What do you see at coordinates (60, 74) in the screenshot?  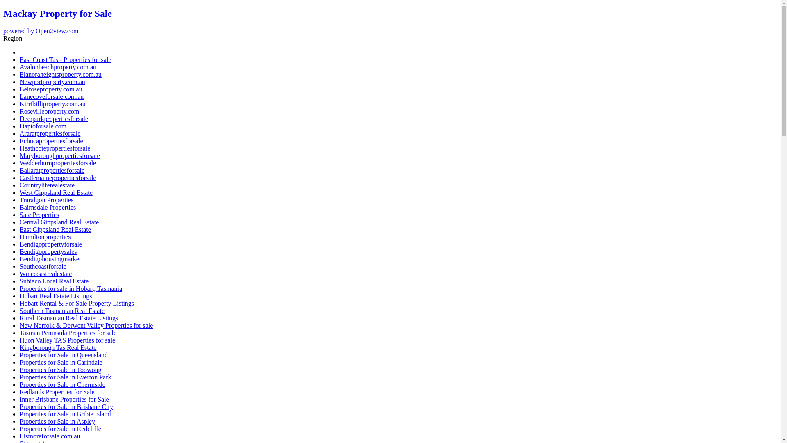 I see `'Elanoraheightsproperty.com.au'` at bounding box center [60, 74].